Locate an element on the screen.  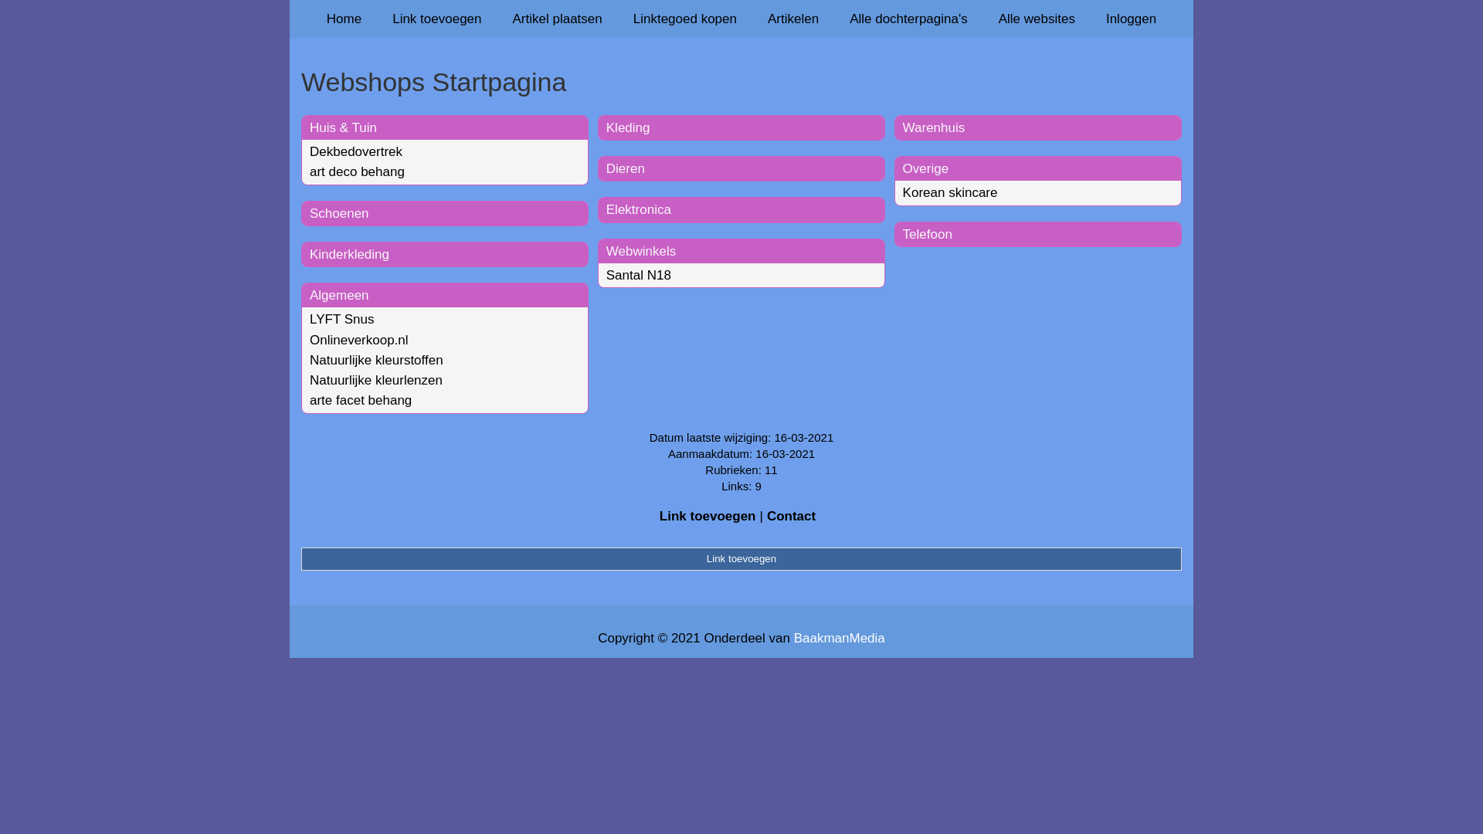
'Warenhuis' is located at coordinates (933, 127).